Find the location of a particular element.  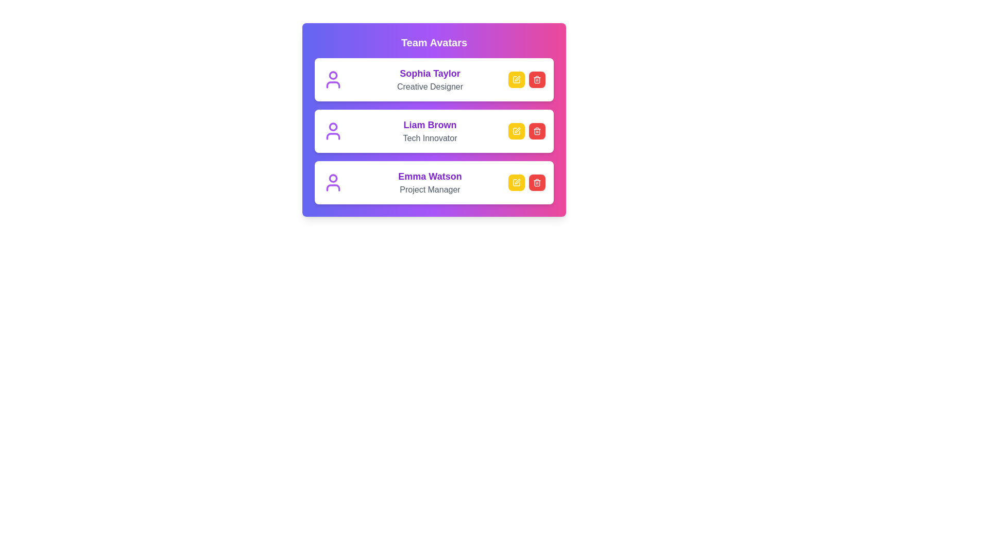

the label displaying 'Sophia Taylor' with a subtitle 'Creative Designer', styled in bold purple text, located in the first card of the 'Team Avatars' section is located at coordinates (430, 79).